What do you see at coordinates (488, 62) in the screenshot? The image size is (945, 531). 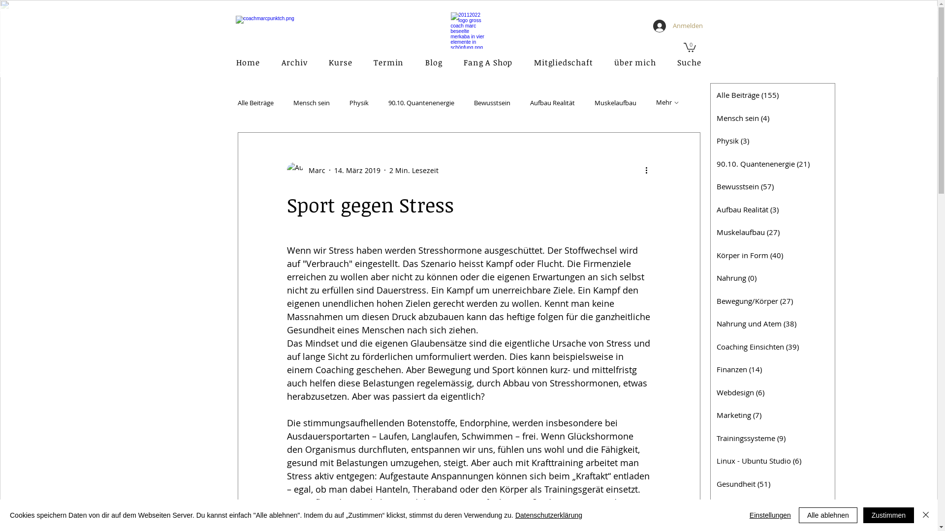 I see `'Fang A Shop'` at bounding box center [488, 62].